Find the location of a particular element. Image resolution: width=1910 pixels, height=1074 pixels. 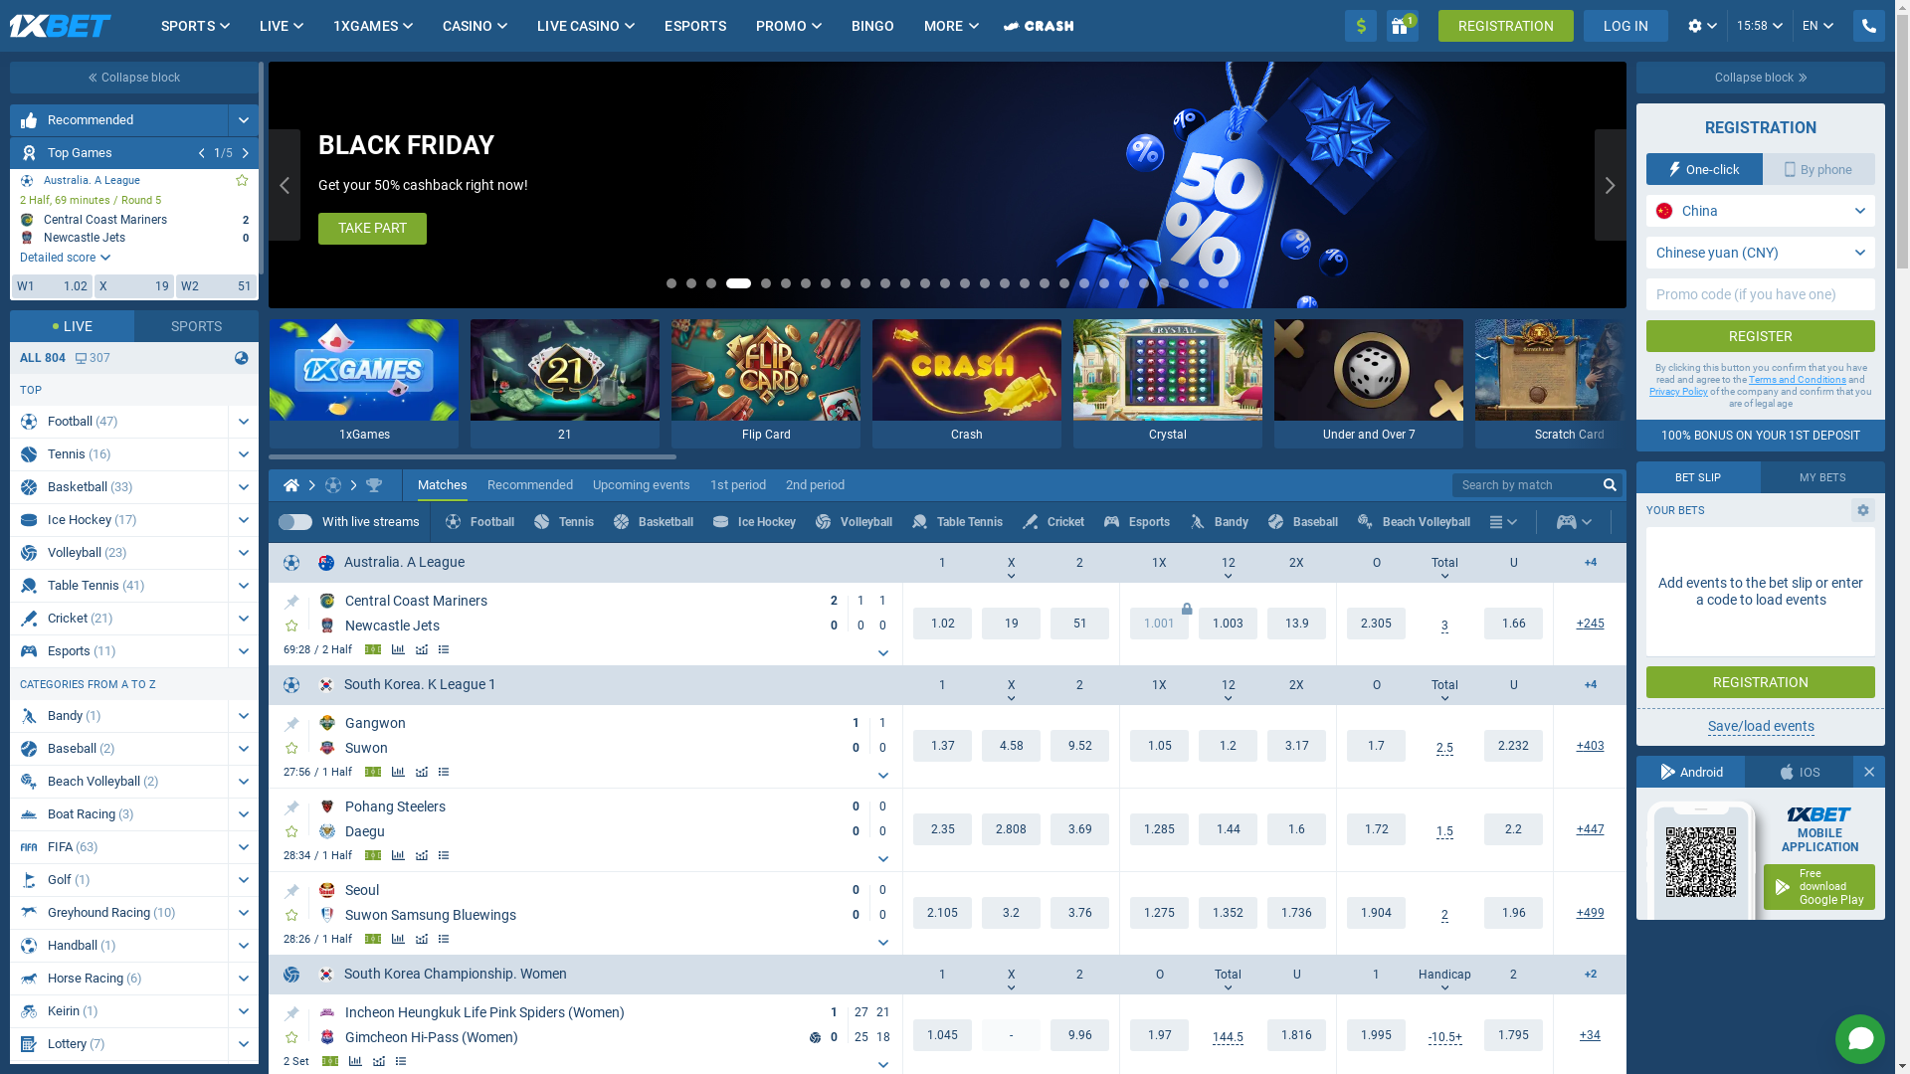

'142.5' is located at coordinates (1227, 1036).